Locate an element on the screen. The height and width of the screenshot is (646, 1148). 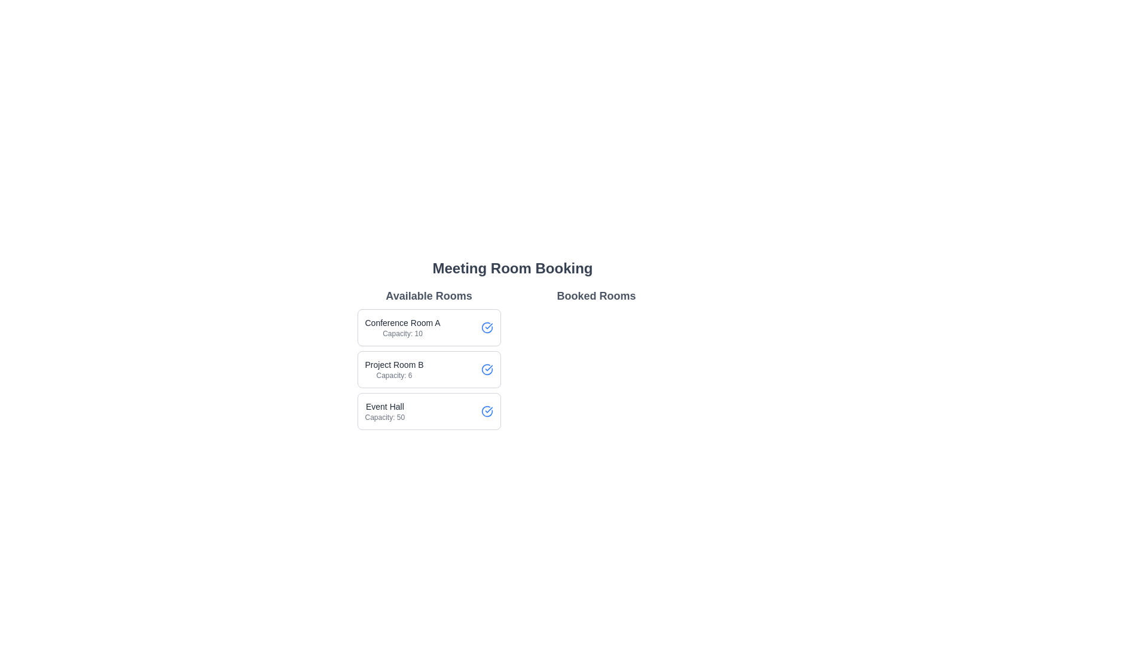
the booking indication provided by the icon located in the 'Event Hall' card, which is the third card in the 'Available Rooms' section is located at coordinates (487, 410).